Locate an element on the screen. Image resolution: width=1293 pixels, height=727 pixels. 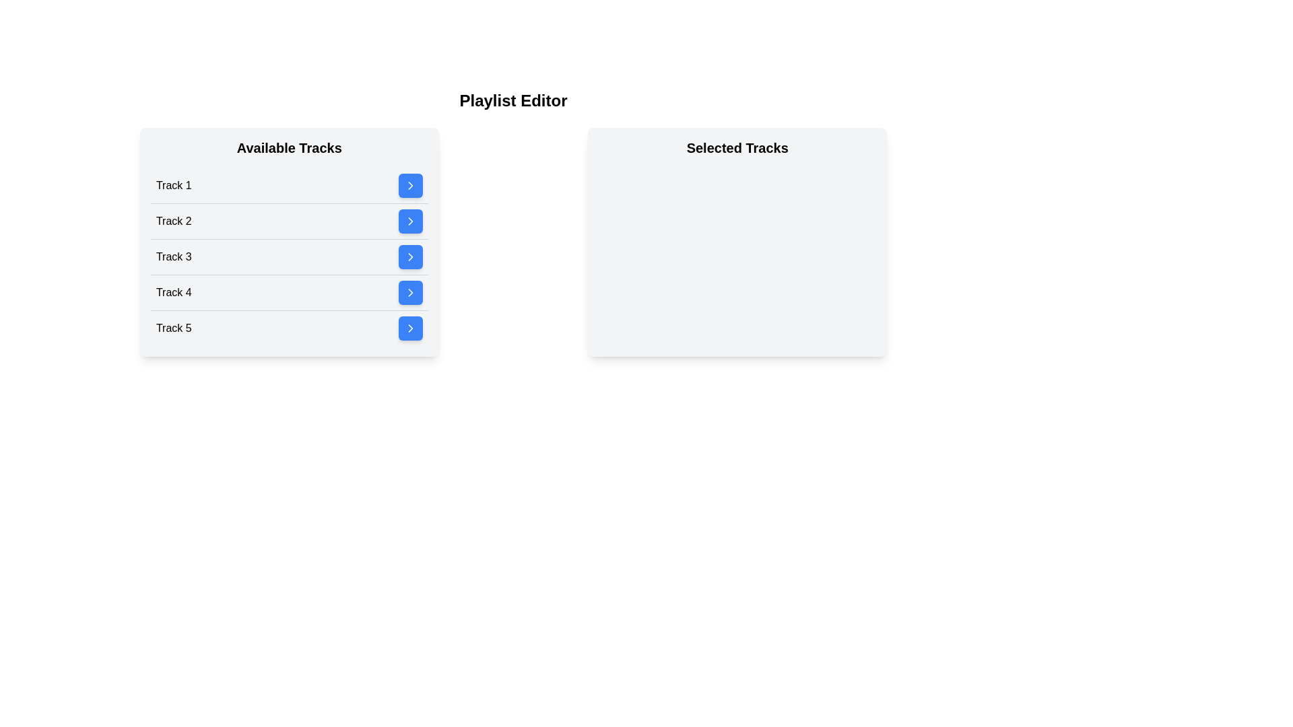
blue button next to Track 2 in the 'Available Tracks' list to move it to 'Selected Tracks' is located at coordinates (409, 220).